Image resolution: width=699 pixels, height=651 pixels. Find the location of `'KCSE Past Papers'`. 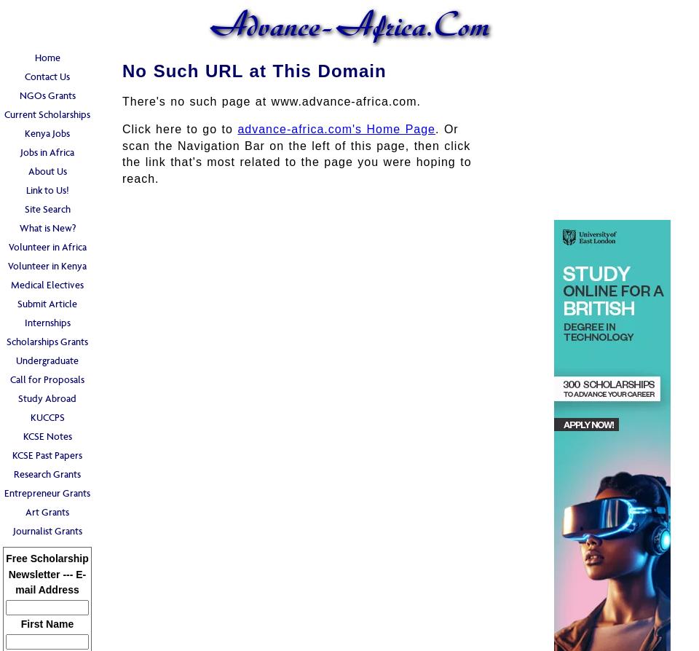

'KCSE Past Papers' is located at coordinates (47, 455).